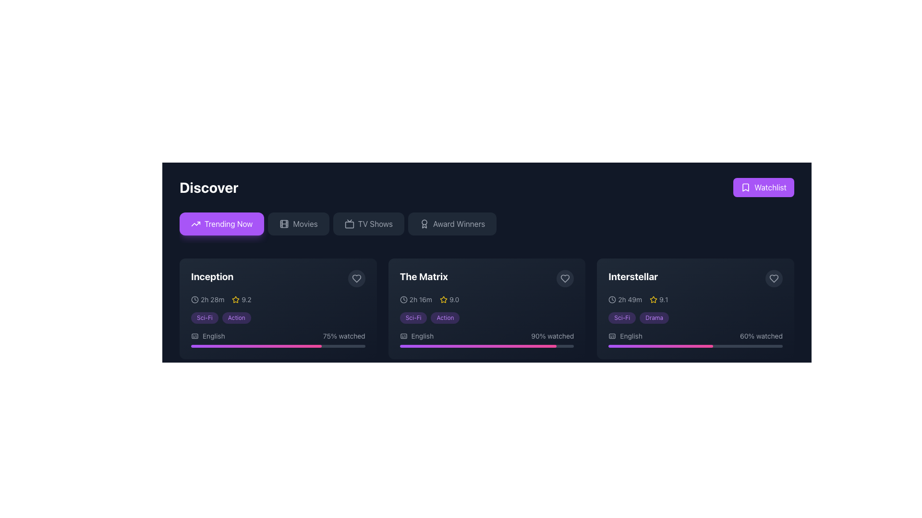 Image resolution: width=922 pixels, height=518 pixels. I want to click on the SVG circle icon that represents the clock symbol within the movie card for 'The Matrix', so click(403, 299).